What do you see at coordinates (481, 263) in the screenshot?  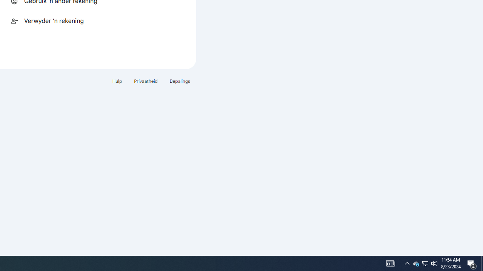 I see `'Show desktop'` at bounding box center [481, 263].